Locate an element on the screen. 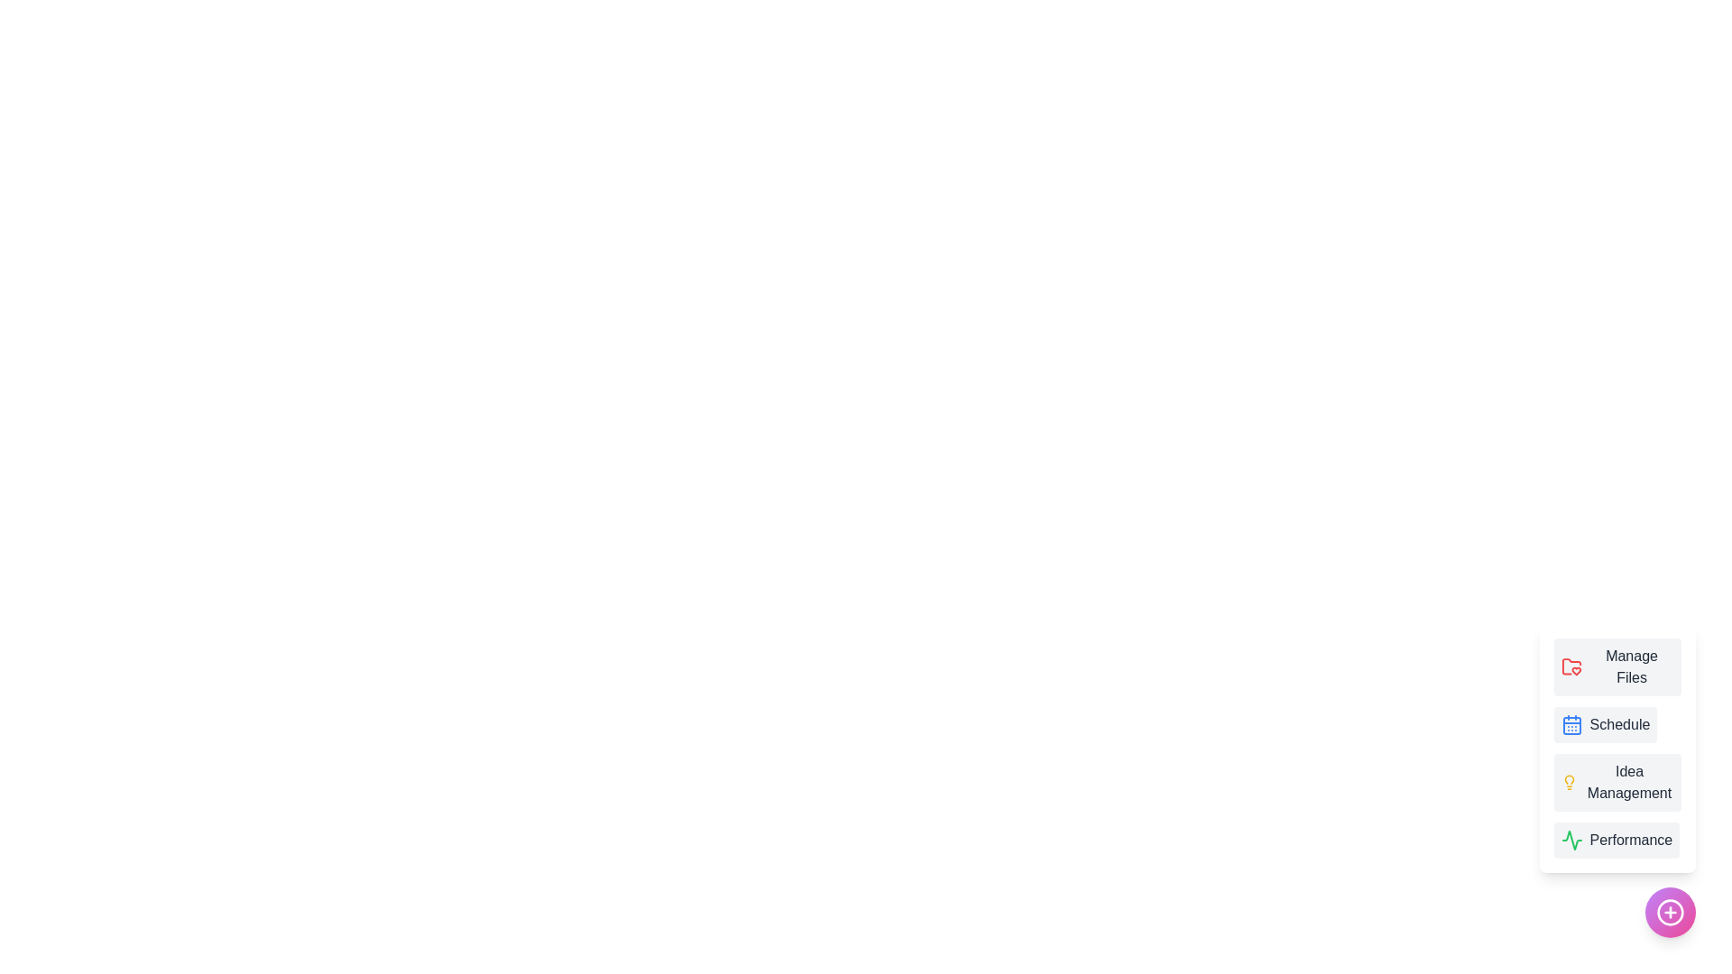 The image size is (1732, 974). the menu item labeled 'Idea Management' to display its tooltip or visual feedback is located at coordinates (1617, 781).